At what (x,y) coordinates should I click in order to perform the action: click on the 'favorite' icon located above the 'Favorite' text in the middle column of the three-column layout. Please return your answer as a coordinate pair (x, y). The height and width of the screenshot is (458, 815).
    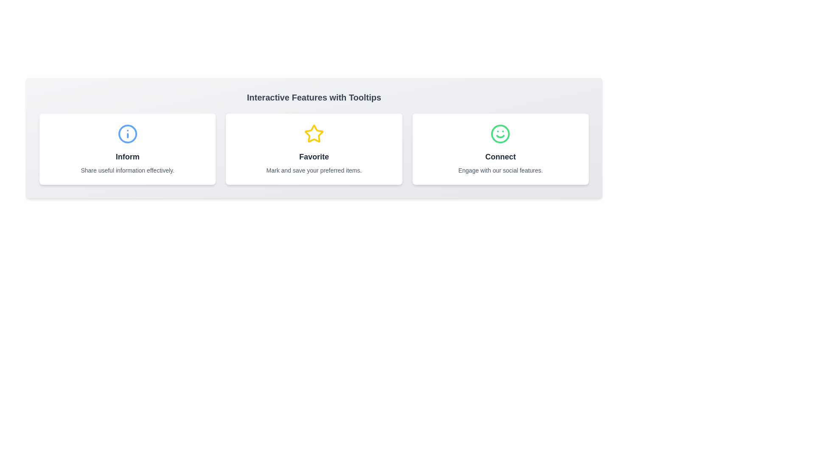
    Looking at the image, I should click on (313, 134).